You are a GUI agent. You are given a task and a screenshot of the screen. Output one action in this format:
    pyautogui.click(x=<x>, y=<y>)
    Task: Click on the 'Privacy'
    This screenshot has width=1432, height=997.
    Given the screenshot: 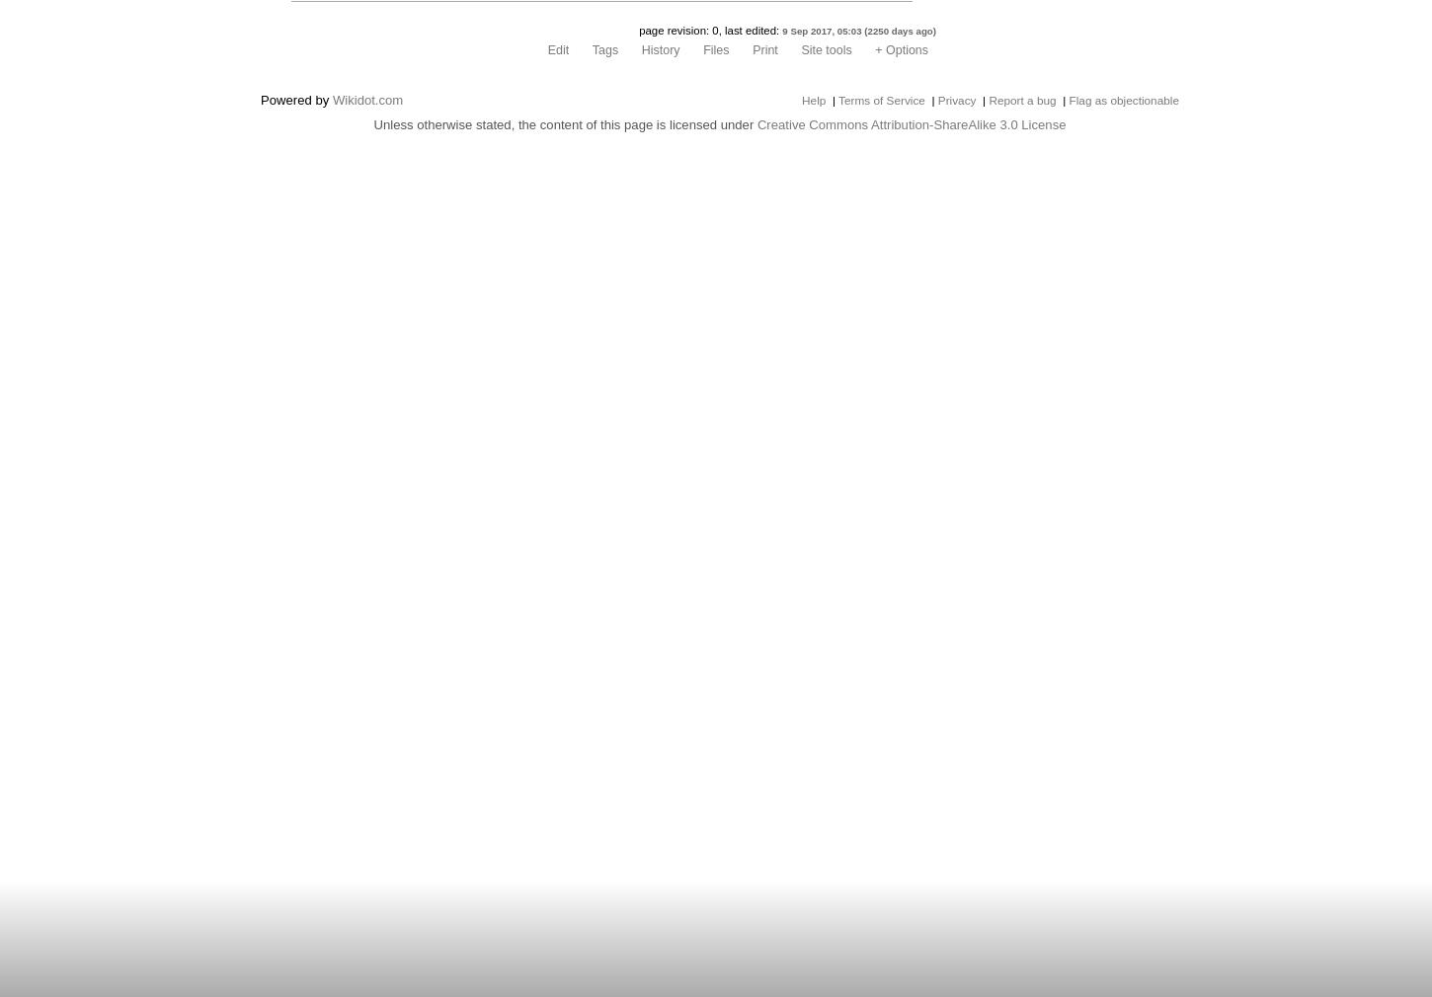 What is the action you would take?
    pyautogui.click(x=956, y=99)
    